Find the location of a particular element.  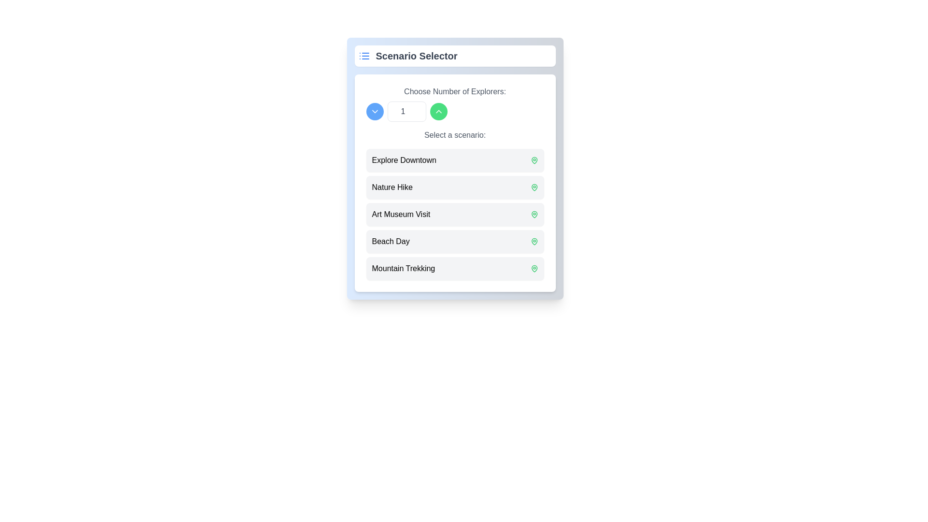

the text label 'Art Museum Visit' is located at coordinates (401, 214).